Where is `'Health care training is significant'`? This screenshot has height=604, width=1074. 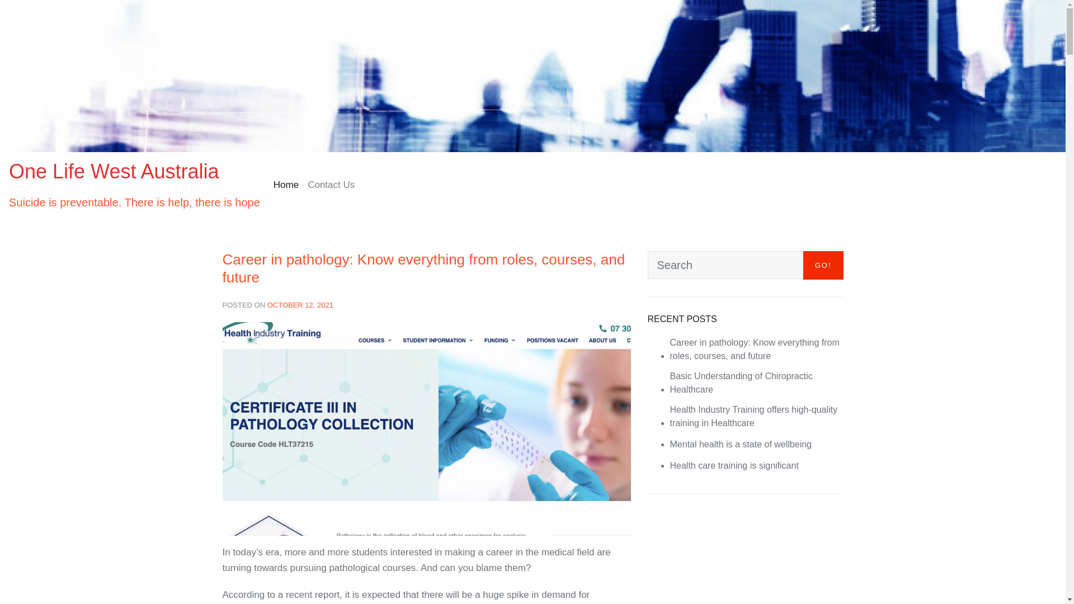
'Health care training is significant' is located at coordinates (734, 466).